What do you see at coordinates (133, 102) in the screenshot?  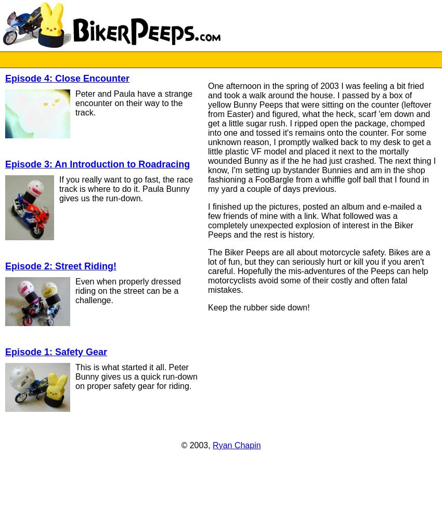 I see `'Peter and Paula have a strange encounter on their way to the track.'` at bounding box center [133, 102].